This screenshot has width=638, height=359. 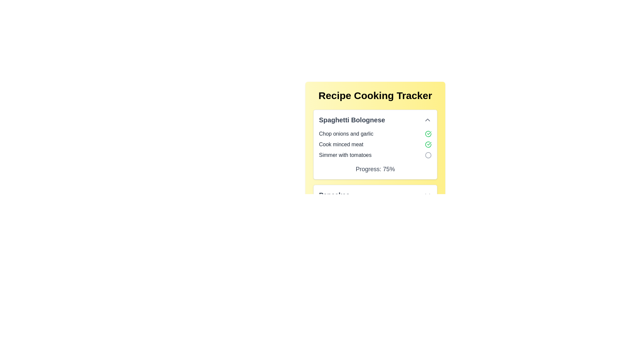 I want to click on the completion indicator icon for the task 'Cook minced meat', which is the second item in the vertical list of status icons, so click(x=428, y=144).